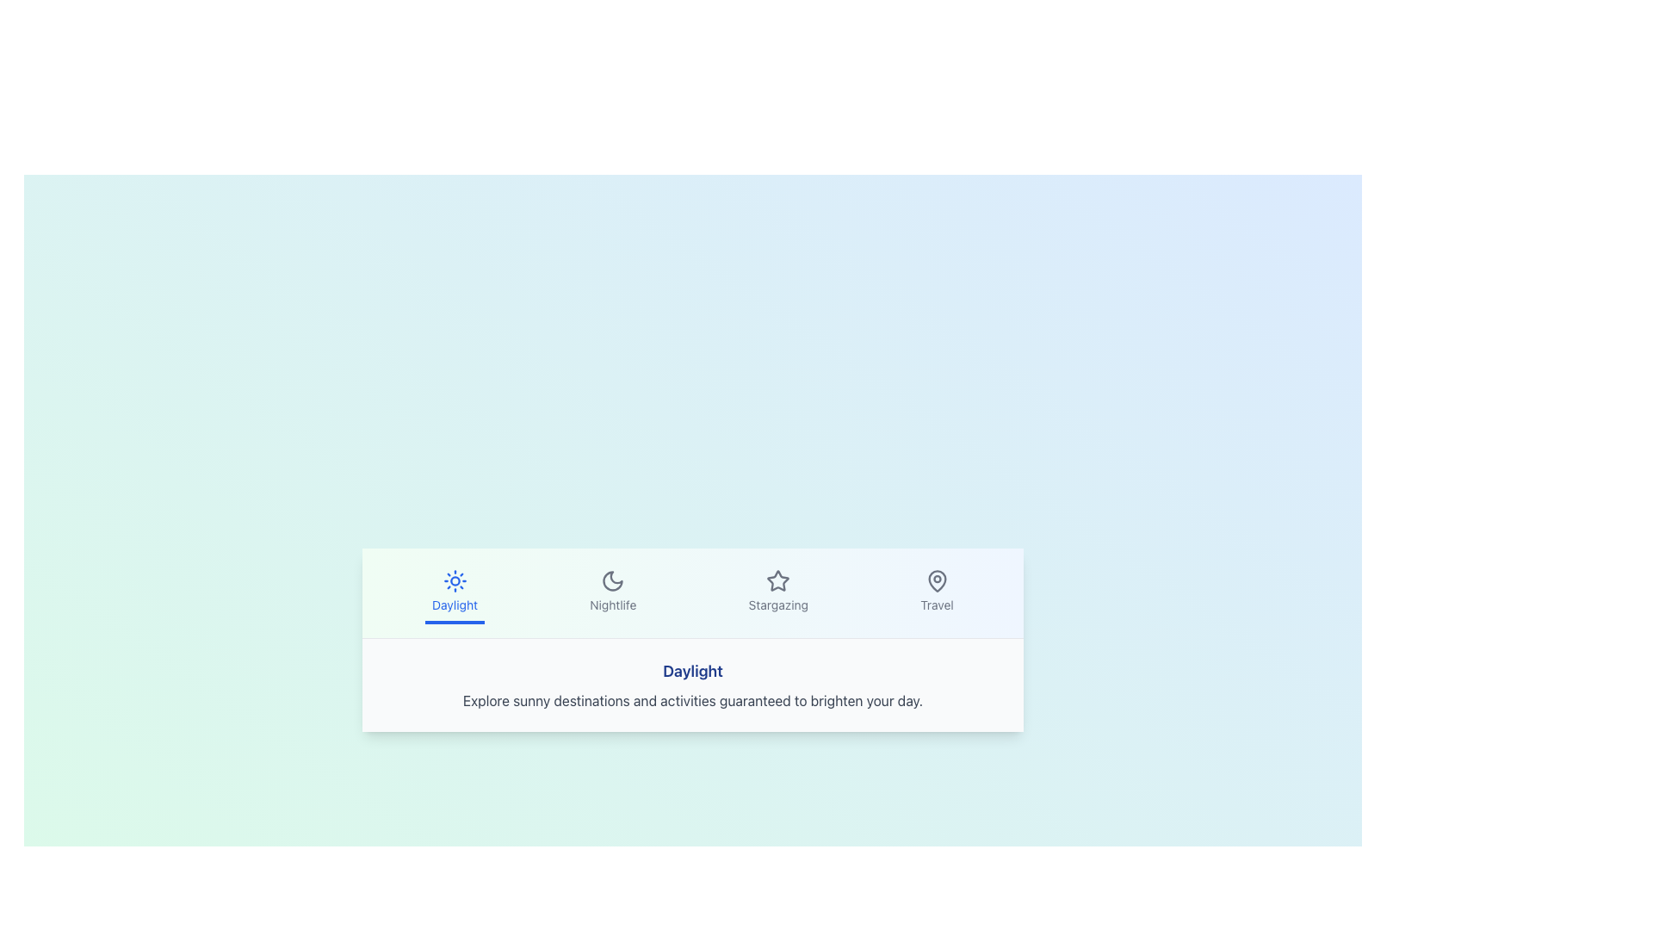  I want to click on the 'Travel' tab icon in the navigation bar, which is located at the bottom center of the interface, furthest to the right among the tabs labeled 'Daylight,' 'Nightlife,' 'Stargazing,' and 'Travel.', so click(936, 580).